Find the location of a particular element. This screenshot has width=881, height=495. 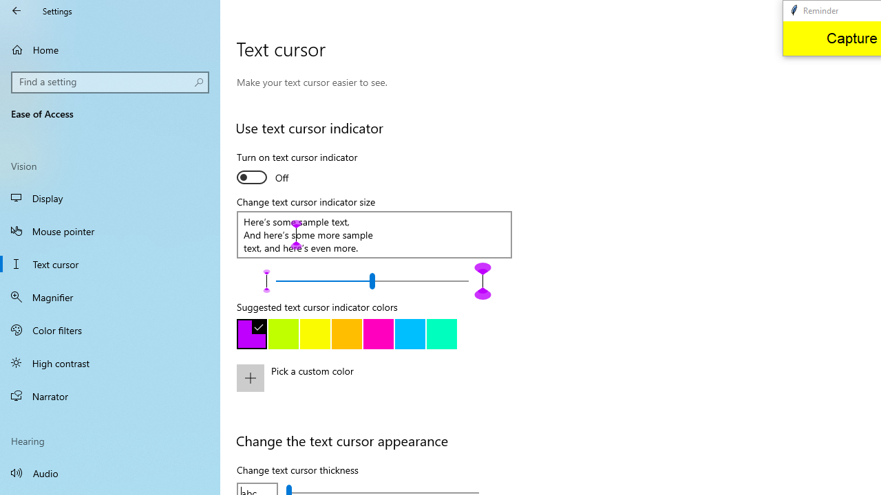

'Turn on text cursor indicator' is located at coordinates (297, 168).